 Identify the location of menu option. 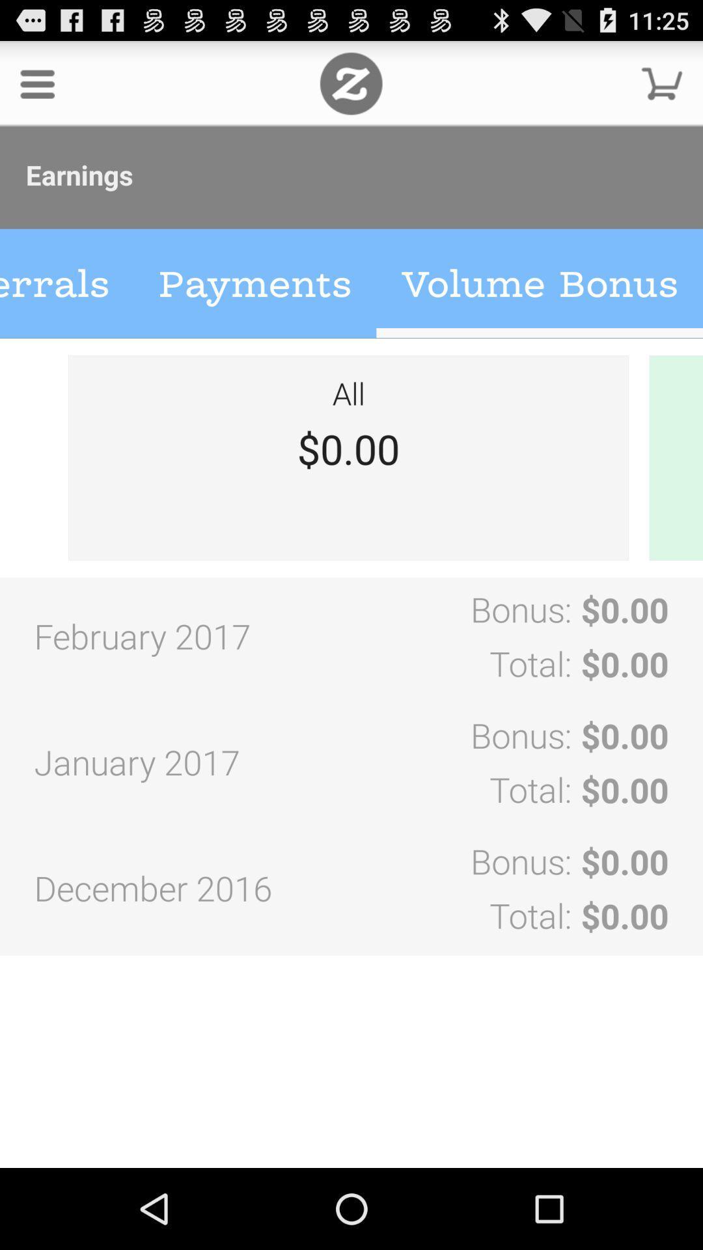
(36, 83).